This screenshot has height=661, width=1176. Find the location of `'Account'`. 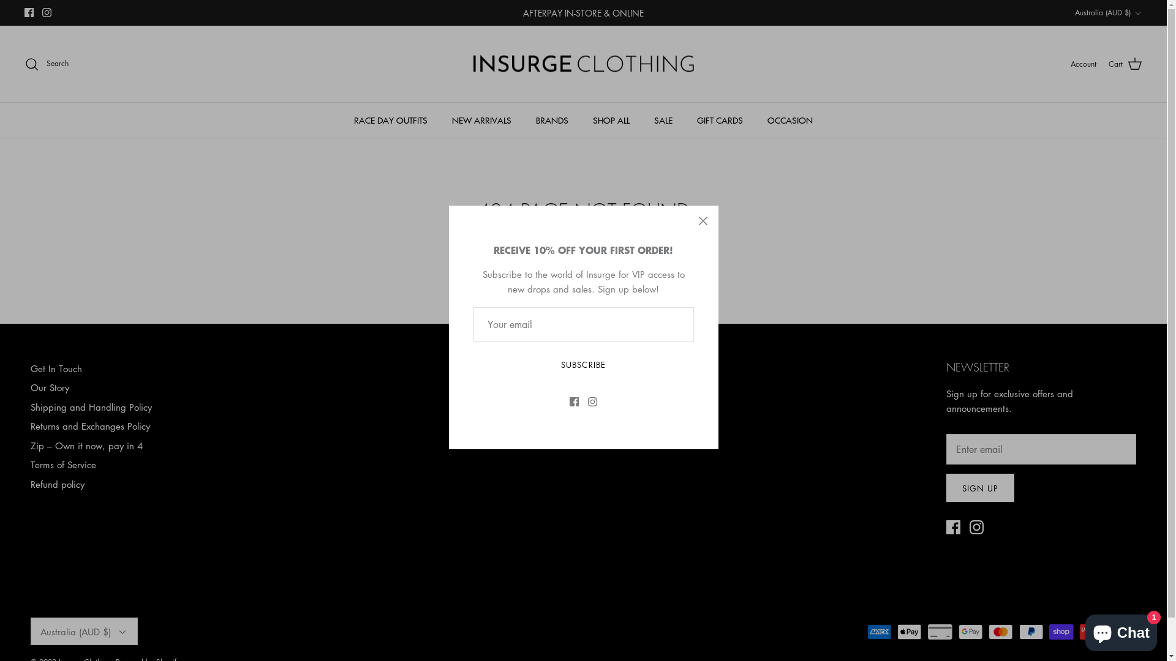

'Account' is located at coordinates (1084, 64).